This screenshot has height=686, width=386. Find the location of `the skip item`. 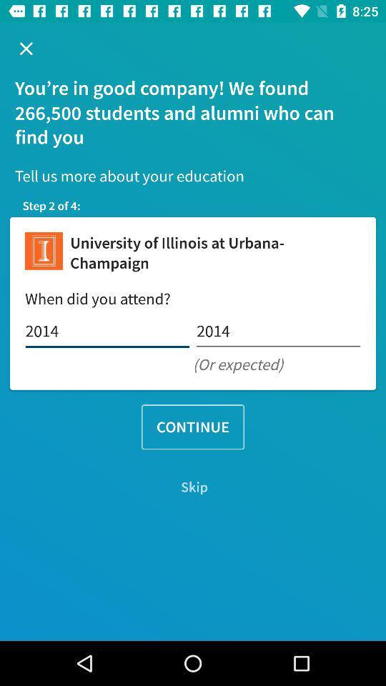

the skip item is located at coordinates (193, 487).